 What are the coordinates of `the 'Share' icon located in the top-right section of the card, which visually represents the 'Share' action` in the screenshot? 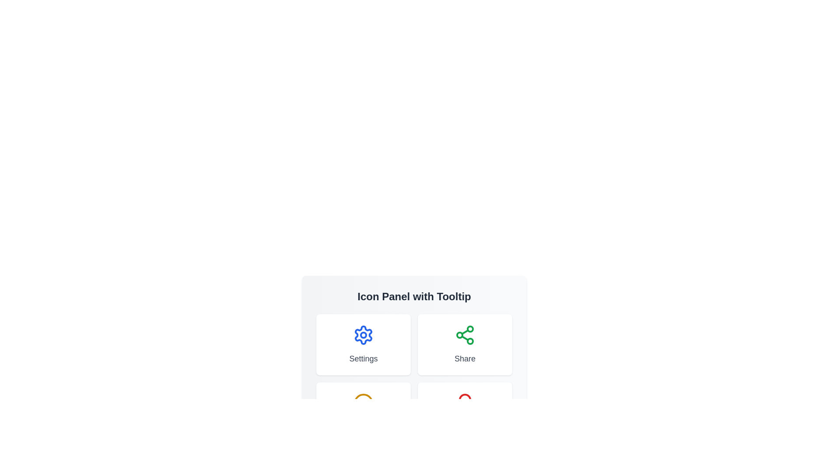 It's located at (464, 335).